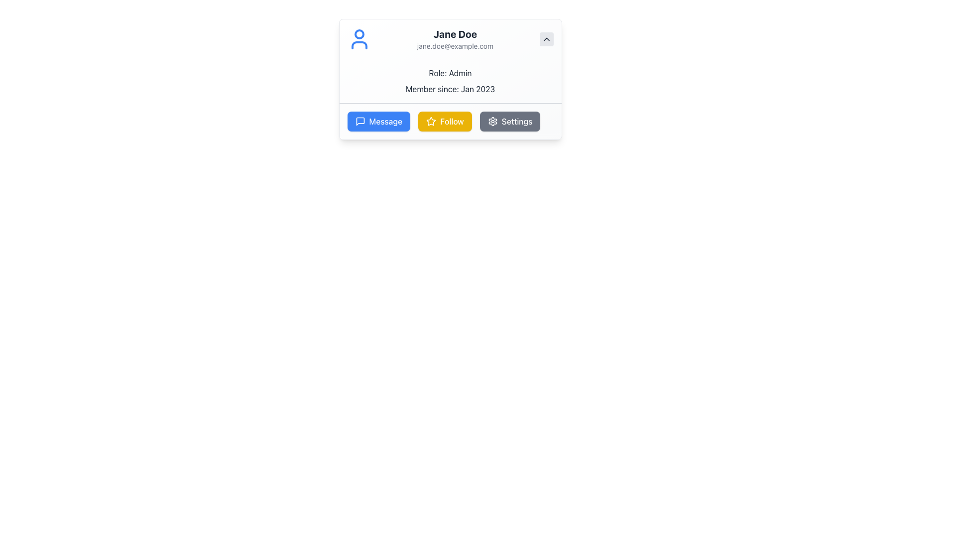  I want to click on the text label displaying 'jane.doe@example.com', which is located below the larger text 'Jane Doe' in the user profile section, so click(455, 46).